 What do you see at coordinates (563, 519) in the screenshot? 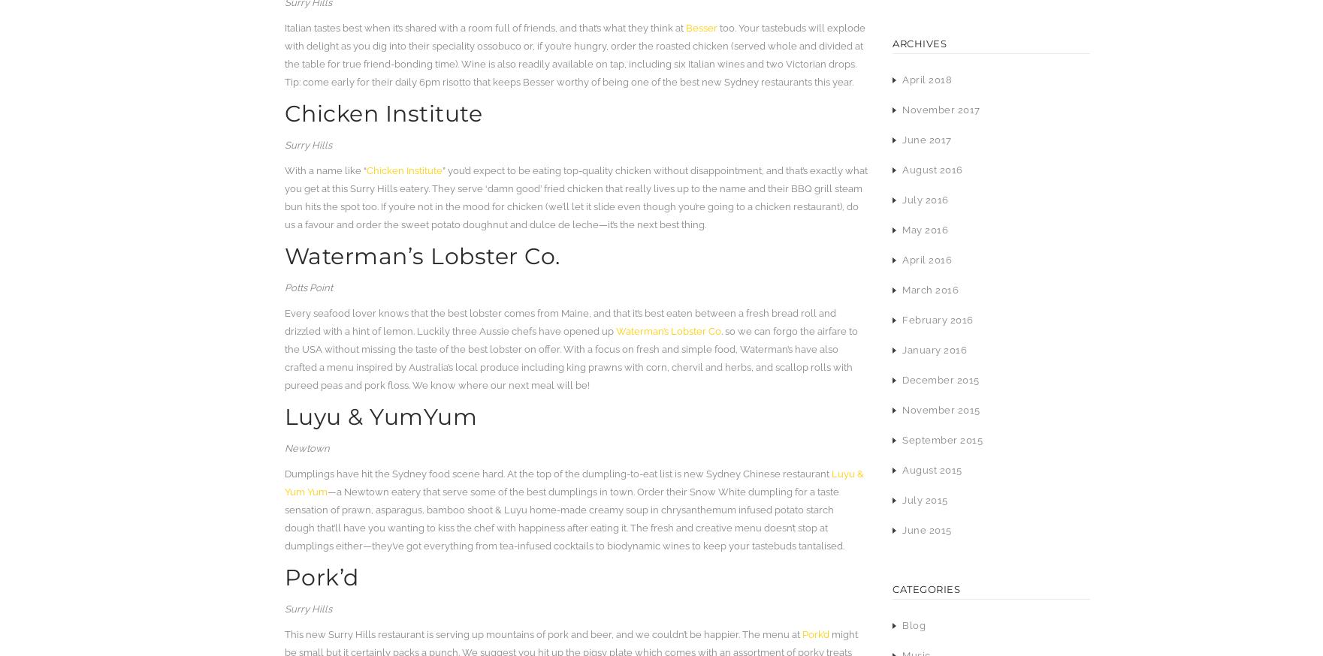
I see `'—a Newtown eatery that serve some of the best dumplings in town. Order their Snow White dumpling for a taste sensation of prawn, asparagus, bamboo shoot & Luyu home-made creamy soup in chrysanthemum infused potato starch dough that’ll have you wanting to kiss the chef with happiness after eating it. The fresh and creative menu doesn’t stop at dumplings either—they’ve got everything from tea-infused cocktails to biodynamic wines to keep your tastebuds tantalised.'` at bounding box center [563, 519].